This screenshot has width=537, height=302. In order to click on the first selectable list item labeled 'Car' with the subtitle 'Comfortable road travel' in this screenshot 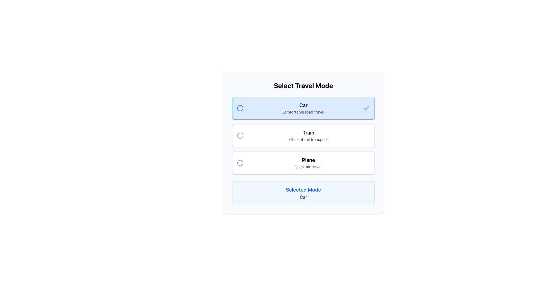, I will do `click(303, 108)`.